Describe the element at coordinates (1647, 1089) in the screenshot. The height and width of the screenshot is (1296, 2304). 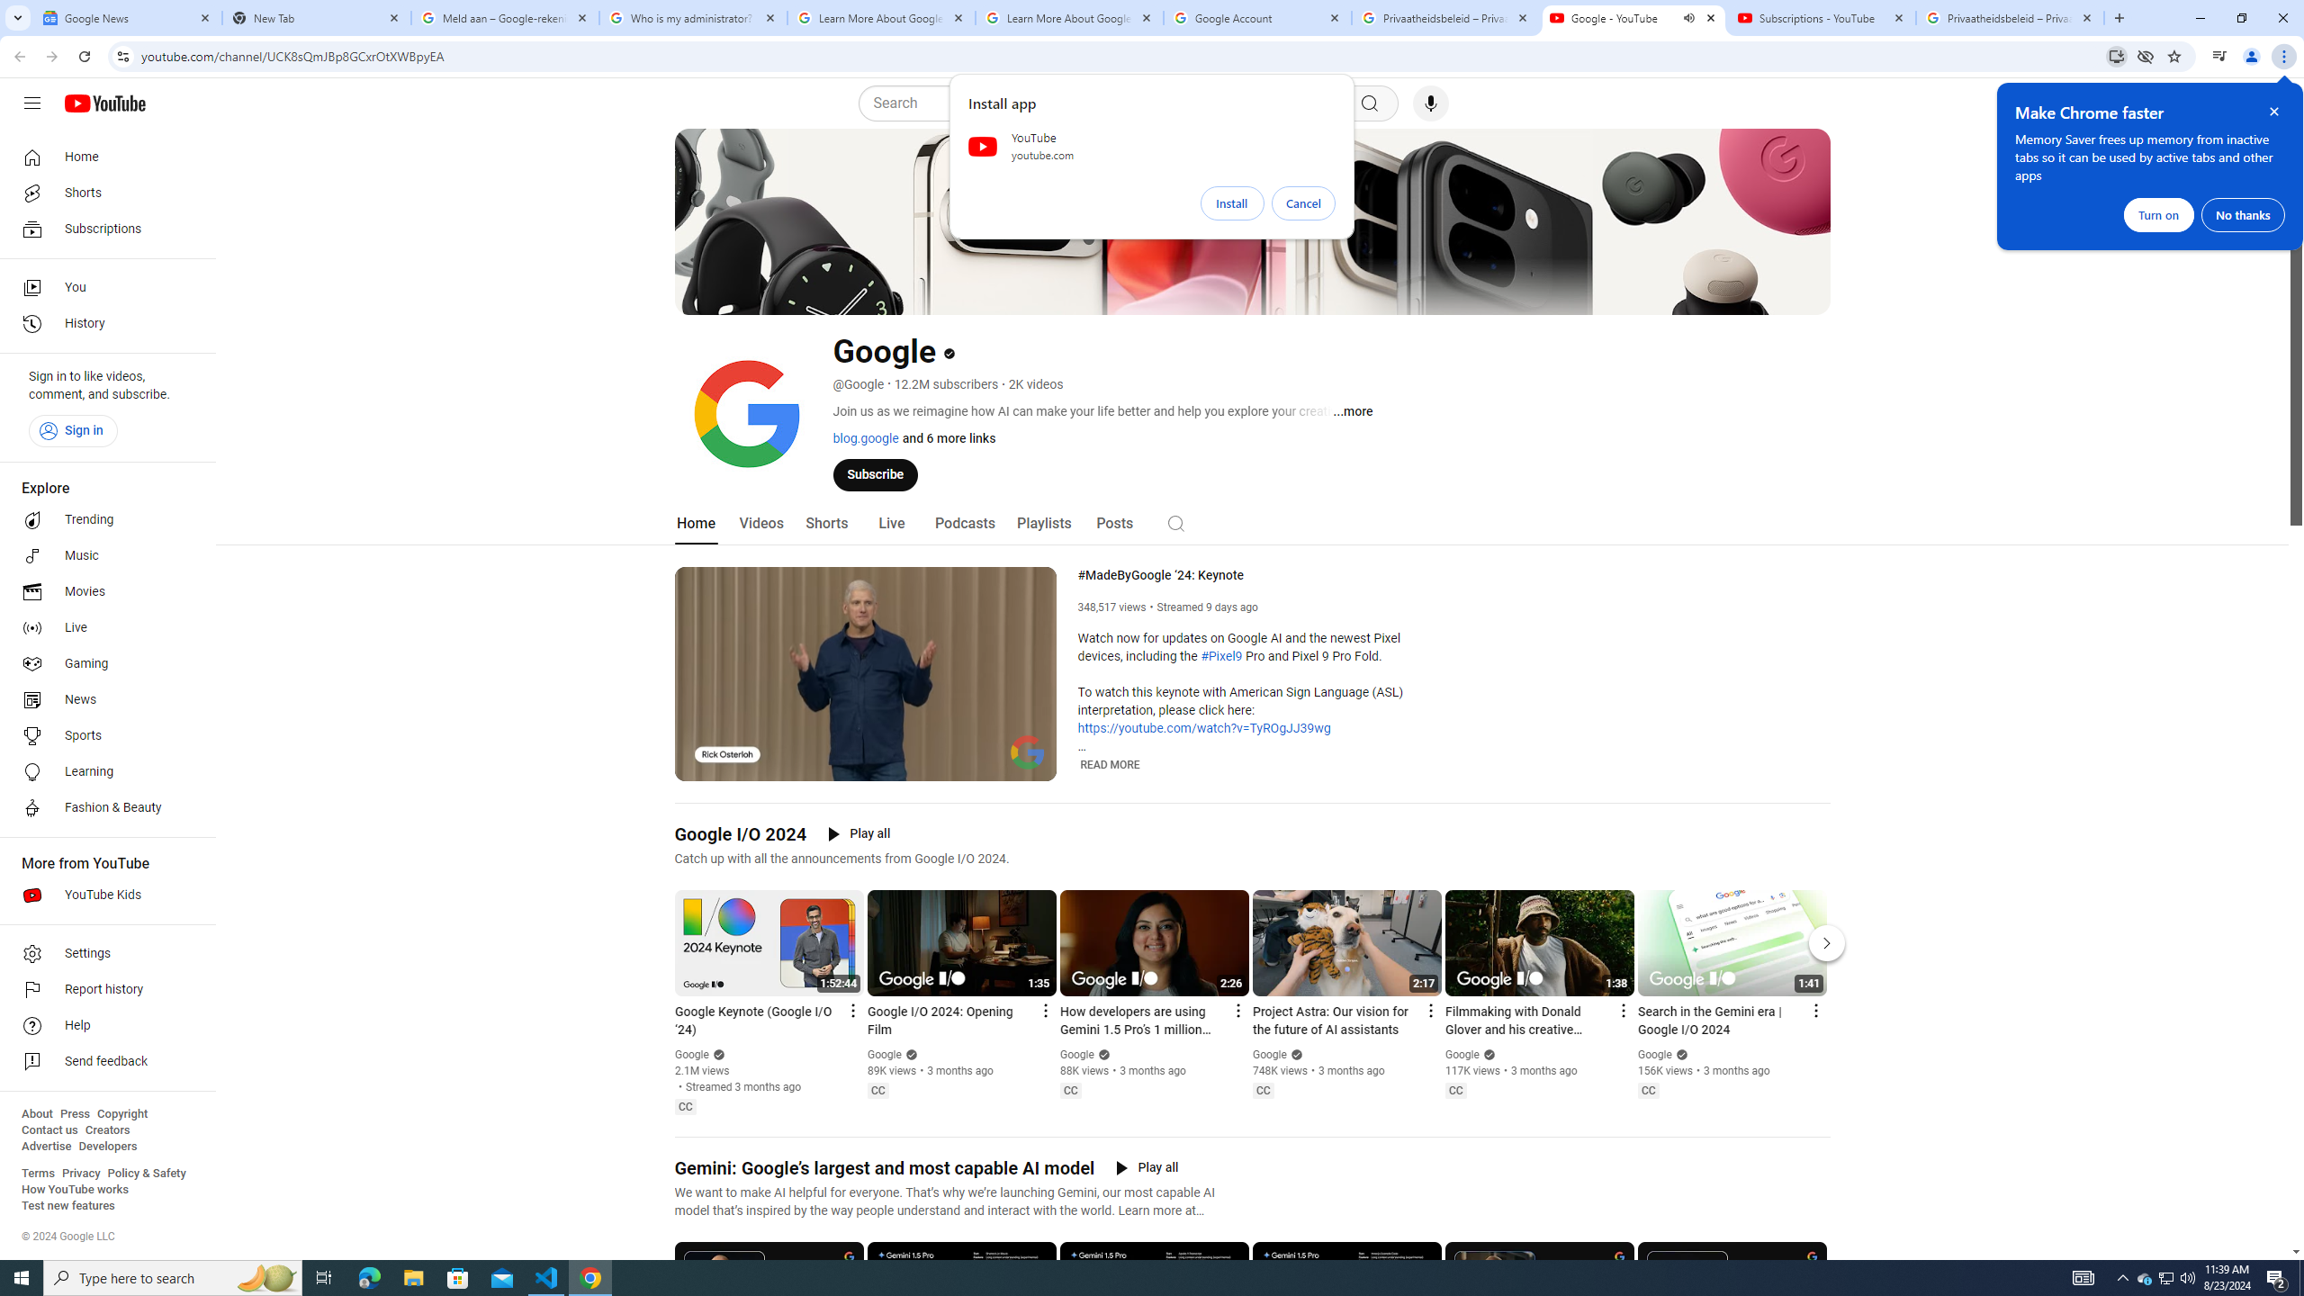
I see `'Closed captions'` at that location.